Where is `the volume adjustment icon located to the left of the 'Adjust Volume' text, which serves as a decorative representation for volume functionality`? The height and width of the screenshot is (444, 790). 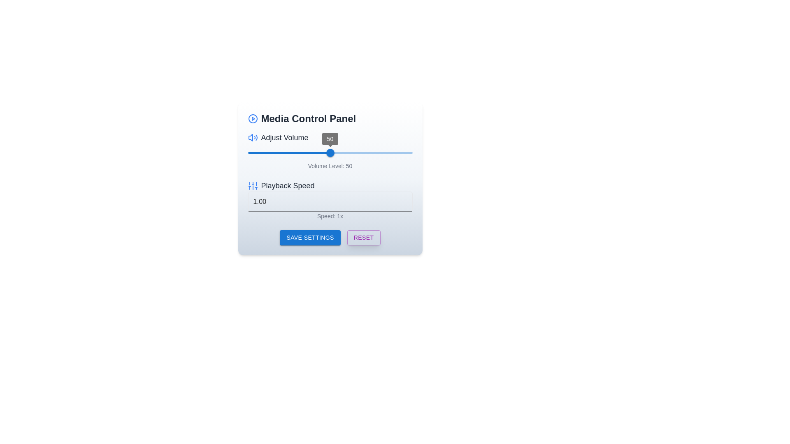
the volume adjustment icon located to the left of the 'Adjust Volume' text, which serves as a decorative representation for volume functionality is located at coordinates (252, 137).